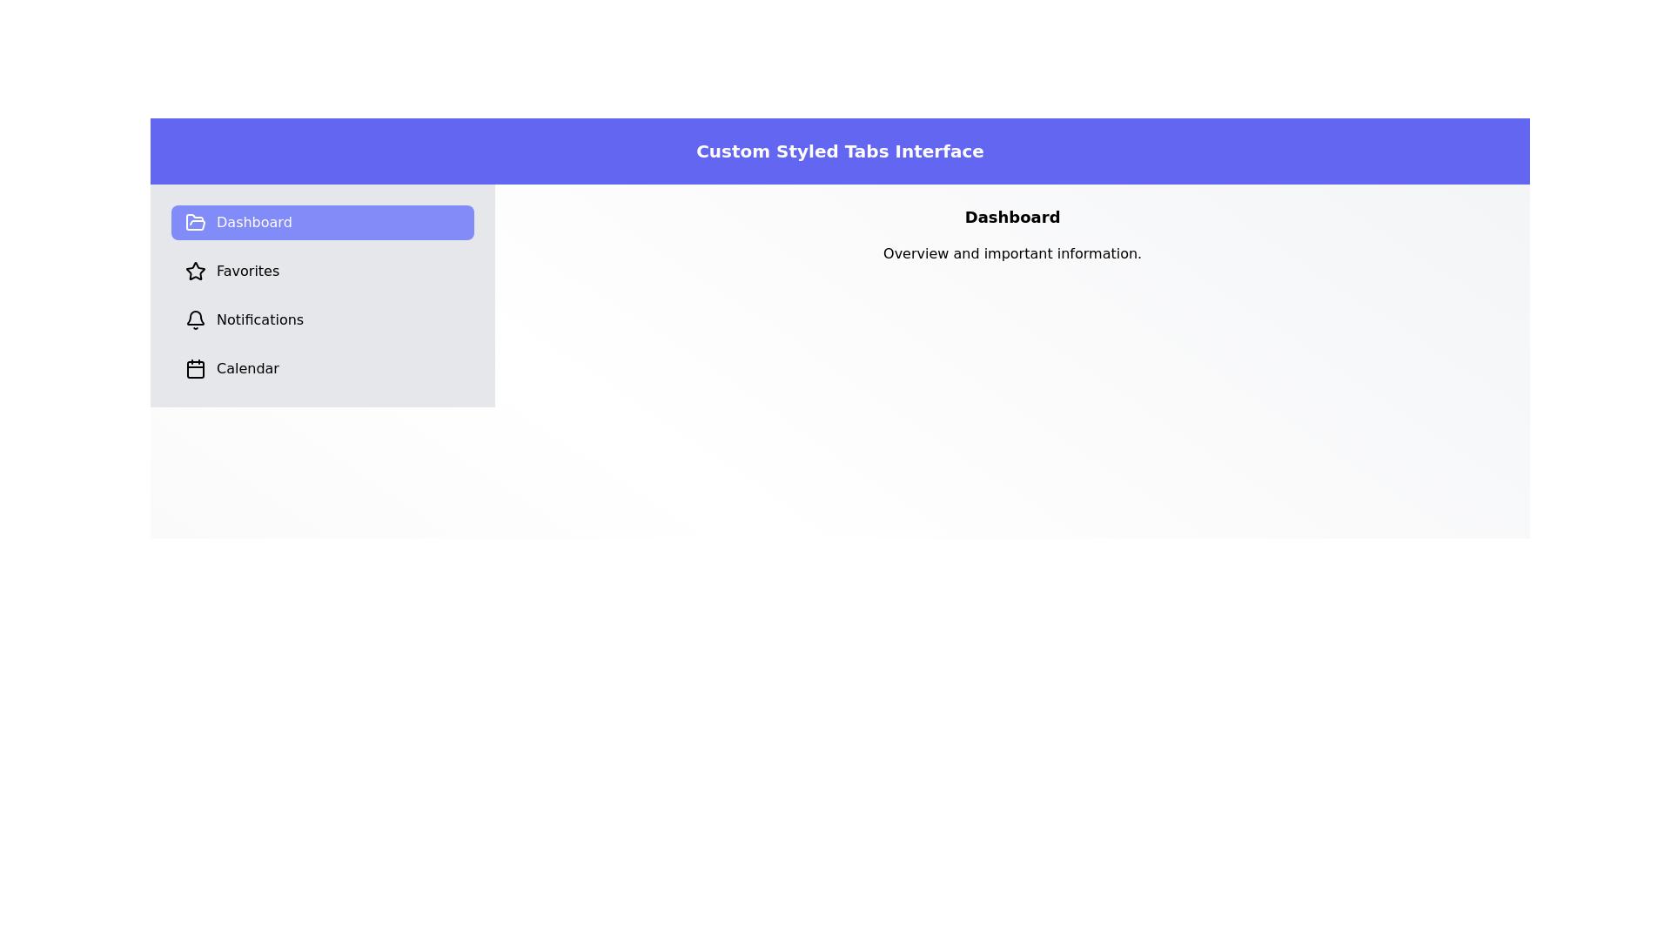 This screenshot has width=1671, height=940. Describe the element at coordinates (196, 272) in the screenshot. I see `the icon of the tab labeled Favorites` at that location.